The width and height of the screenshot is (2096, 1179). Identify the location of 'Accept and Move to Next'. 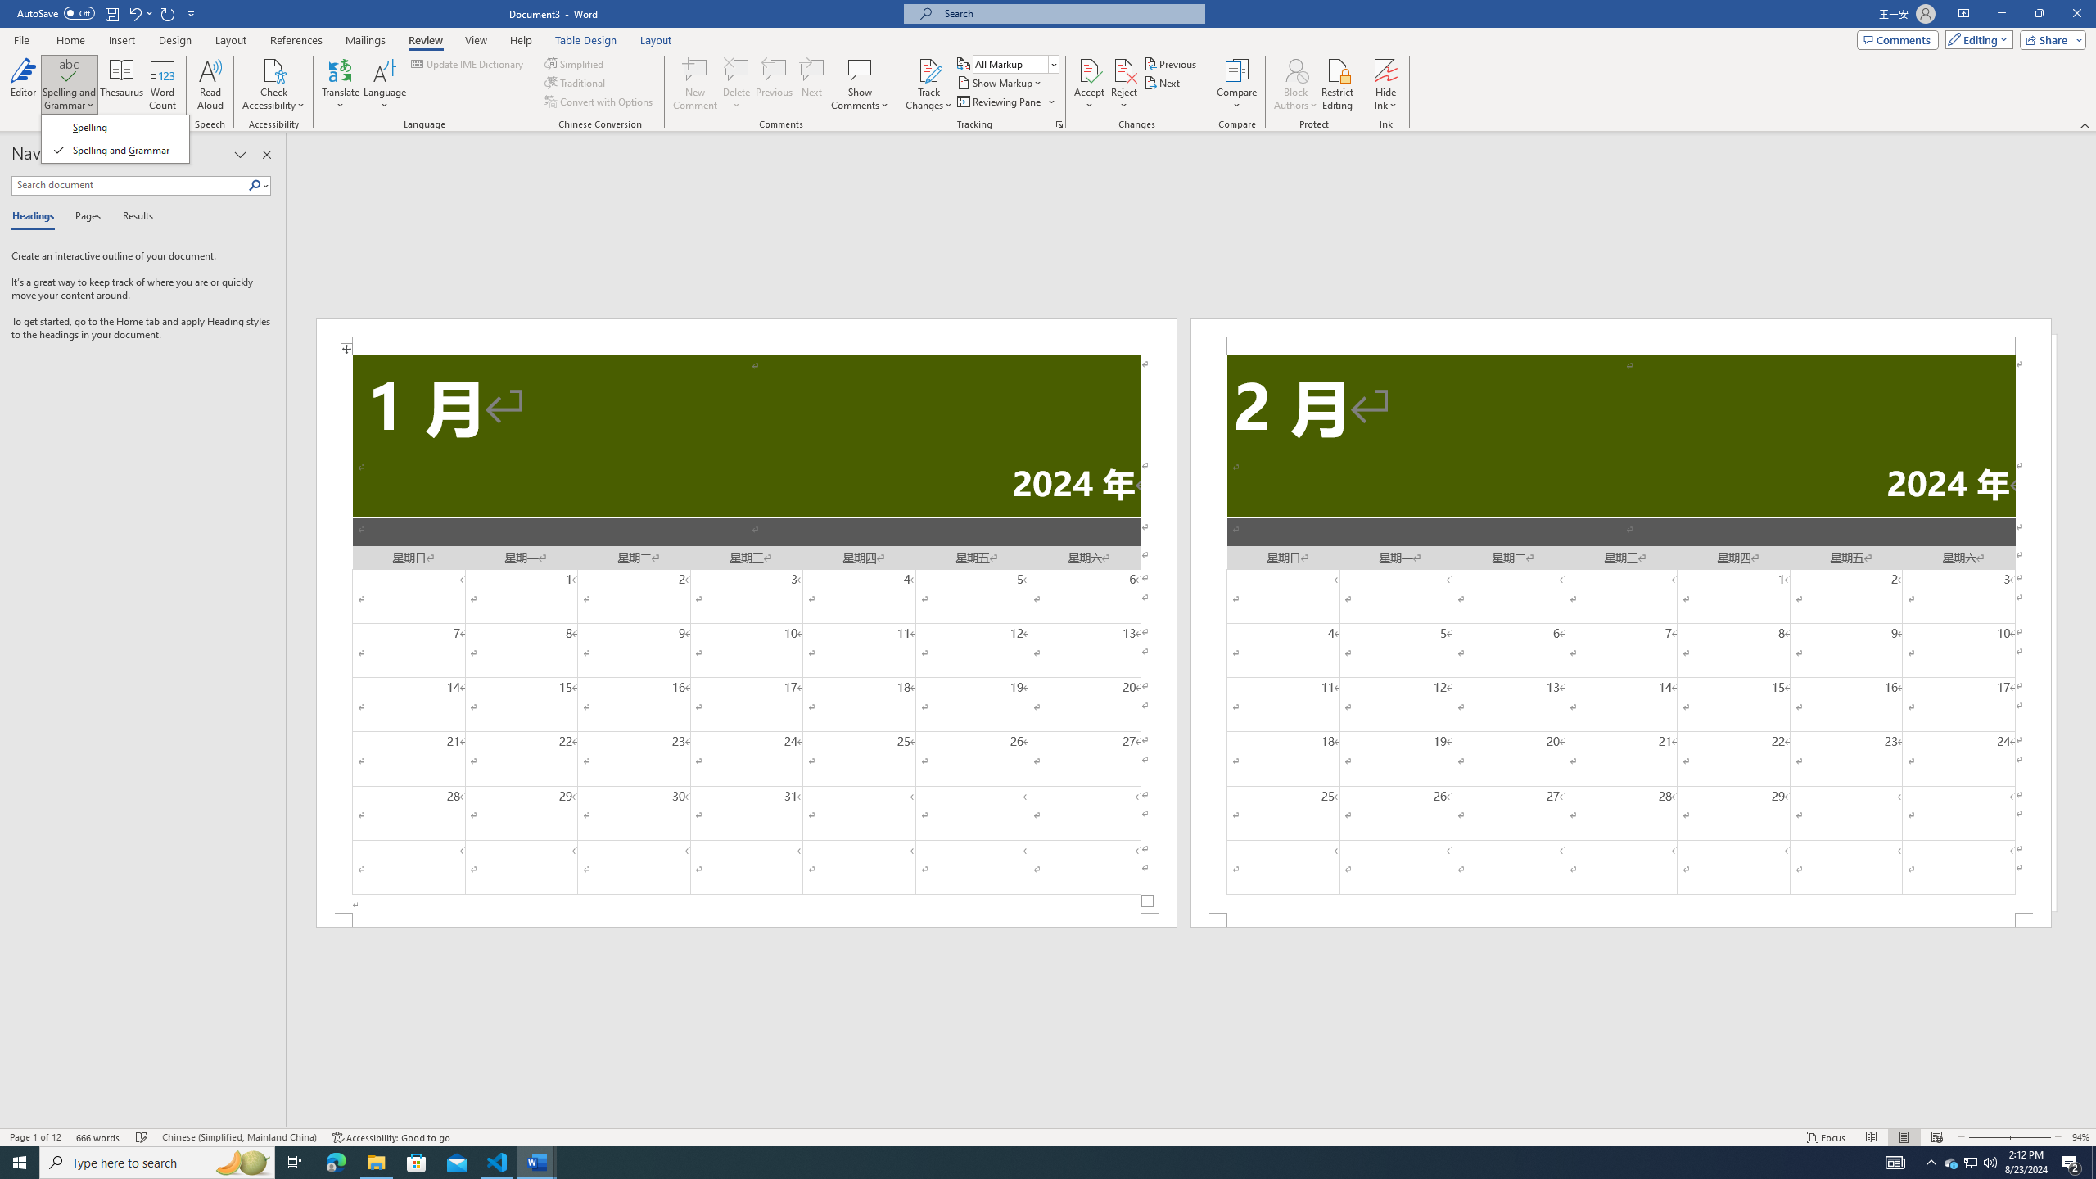
(1089, 69).